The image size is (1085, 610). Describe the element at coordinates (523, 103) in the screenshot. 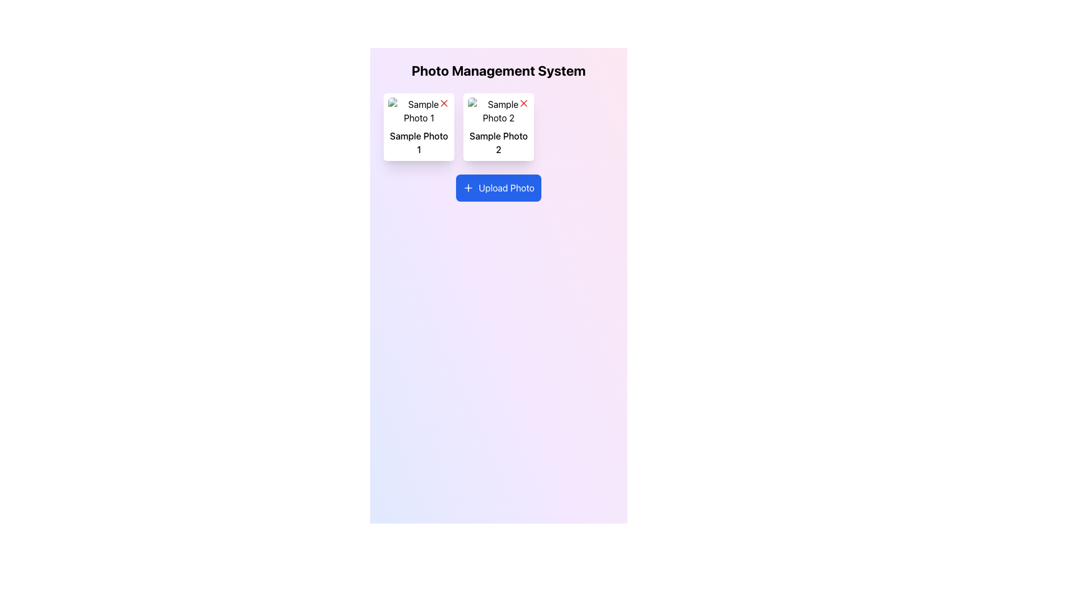

I see `the red cross icon button located at the top-right corner of the card displaying 'Sample Photo 2' to change its color` at that location.